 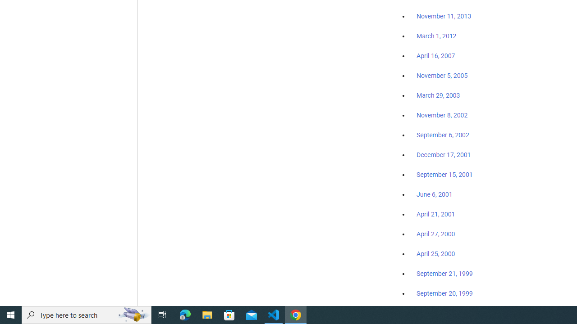 What do you see at coordinates (438, 95) in the screenshot?
I see `'March 29, 2003'` at bounding box center [438, 95].